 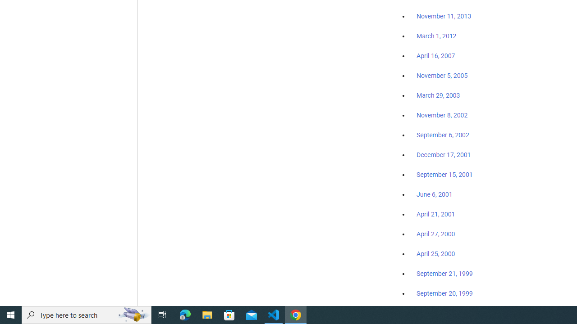 What do you see at coordinates (438, 95) in the screenshot?
I see `'March 29, 2003'` at bounding box center [438, 95].